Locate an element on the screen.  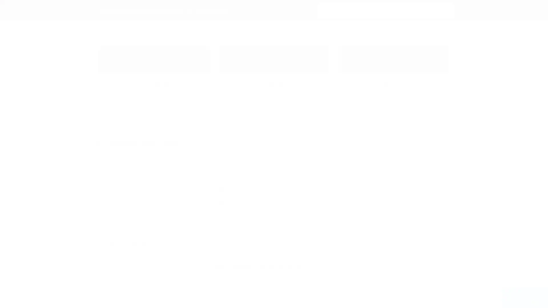
Advanced content is located at coordinates (142, 194).